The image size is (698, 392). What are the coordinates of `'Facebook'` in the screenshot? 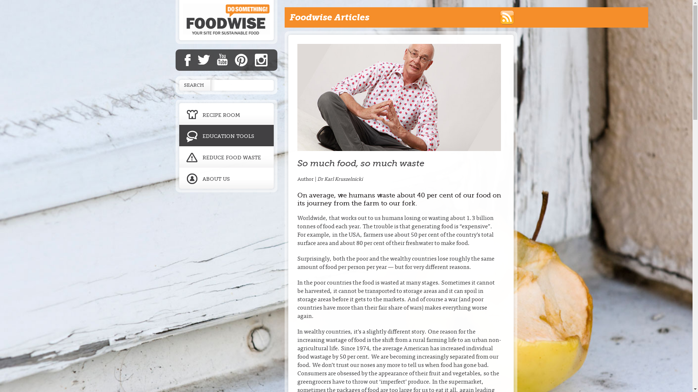 It's located at (185, 60).